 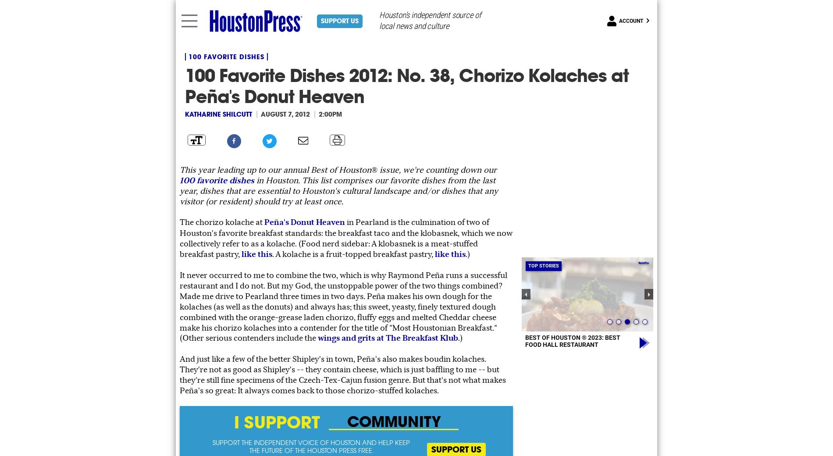 I want to click on 'Support the independent voice of Houston and 
help keep the future of the Houston Press free.', so click(x=213, y=446).